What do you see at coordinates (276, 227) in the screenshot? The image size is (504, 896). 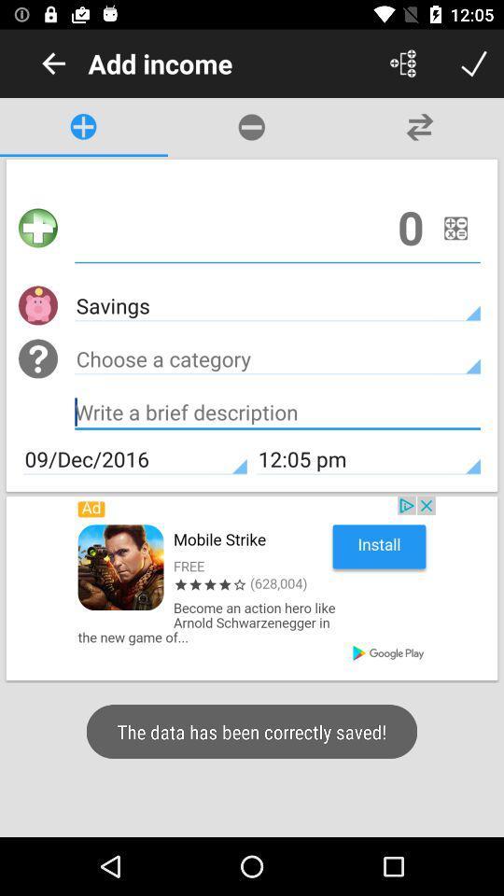 I see `income` at bounding box center [276, 227].